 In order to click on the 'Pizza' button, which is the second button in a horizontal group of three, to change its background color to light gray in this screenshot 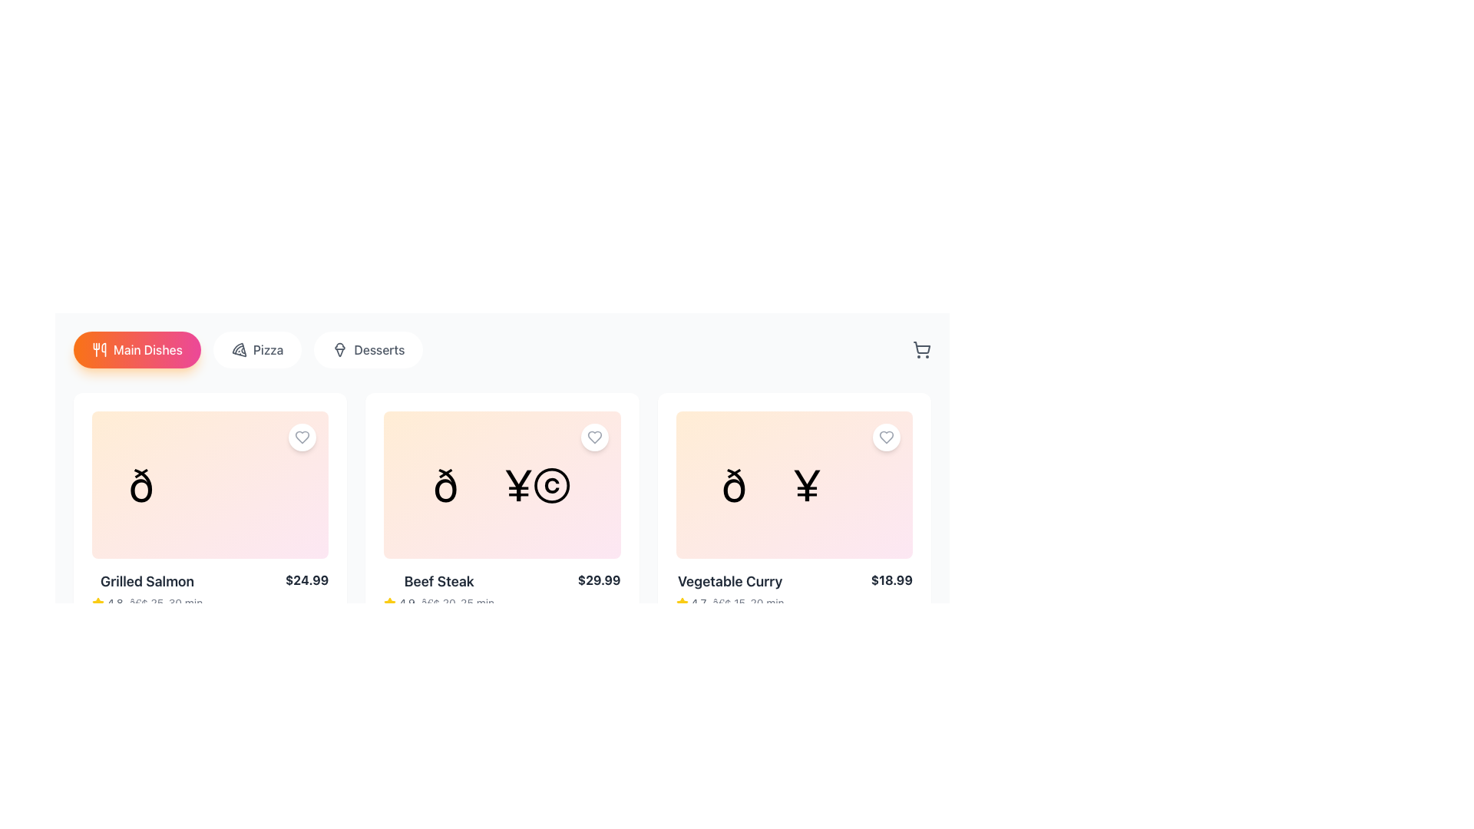, I will do `click(257, 349)`.